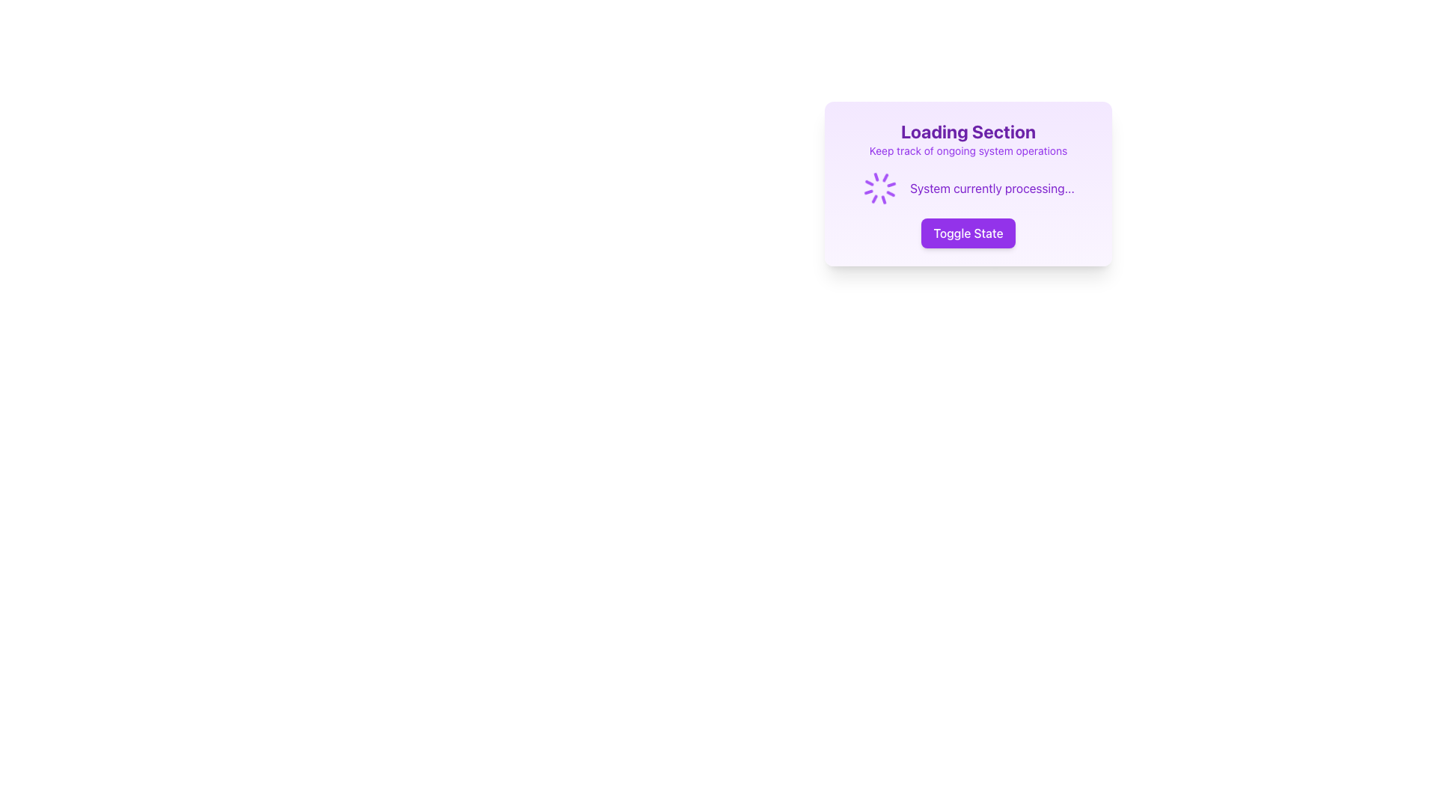 The width and height of the screenshot is (1437, 808). What do you see at coordinates (968, 233) in the screenshot?
I see `the button located at the bottom of the card-like UI component with a purple gradient background, beneath the text 'System currently processing...'` at bounding box center [968, 233].